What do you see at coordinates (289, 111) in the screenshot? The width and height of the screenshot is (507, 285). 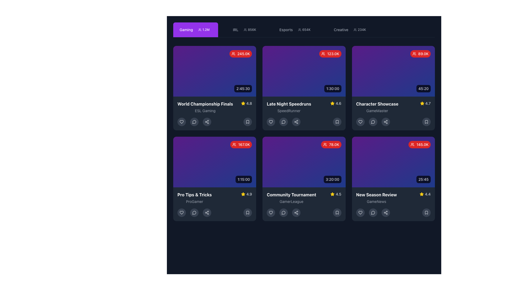 I see `the text label displaying contextual information located directly below the 'Late Night Speedruns' title within the card, which is the second line in the grid item` at bounding box center [289, 111].